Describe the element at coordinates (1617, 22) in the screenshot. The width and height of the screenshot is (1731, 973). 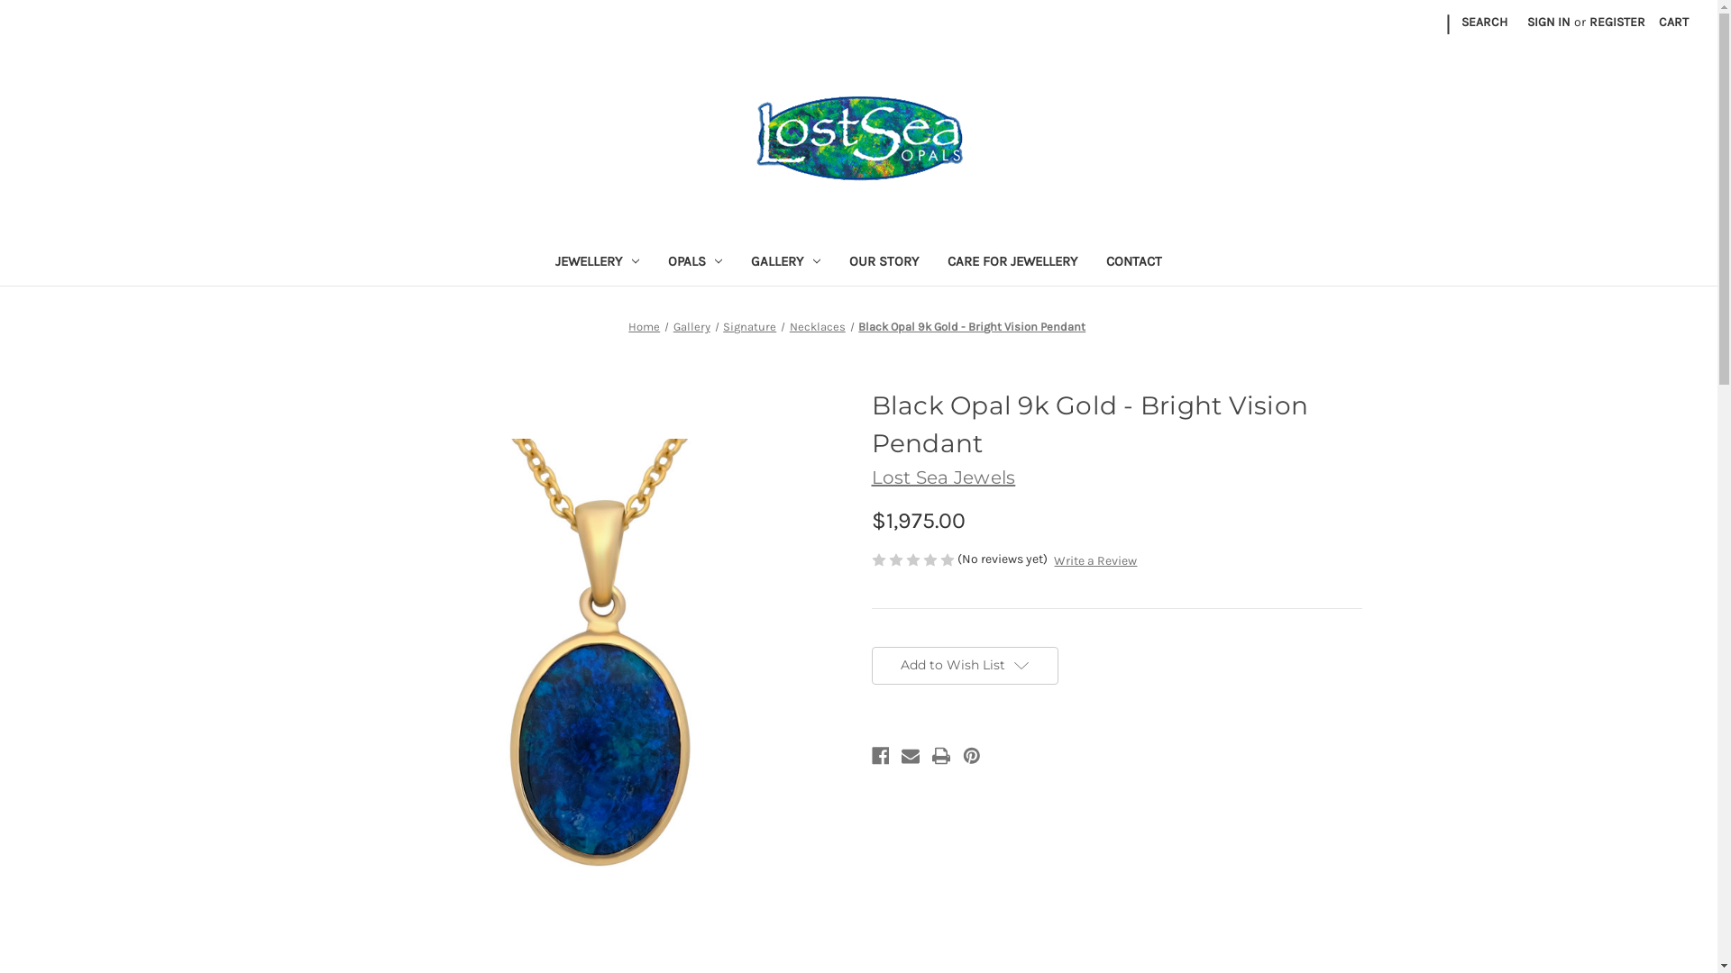
I see `'REGISTER'` at that location.